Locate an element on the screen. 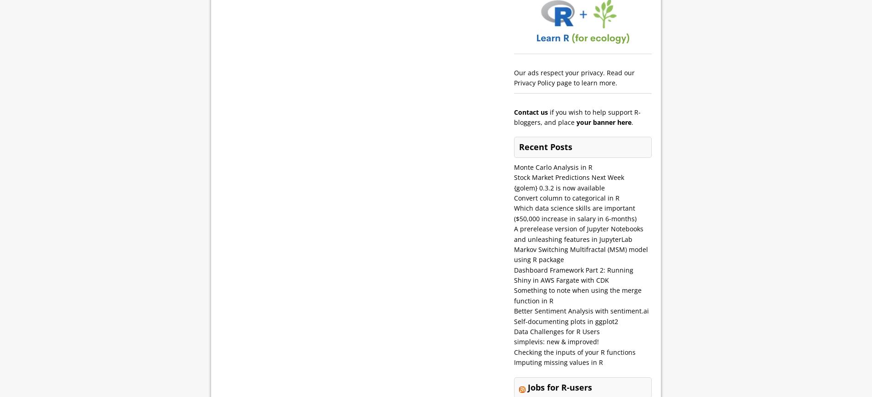 The image size is (872, 397). 'Data Challenges for R Users' is located at coordinates (556, 331).